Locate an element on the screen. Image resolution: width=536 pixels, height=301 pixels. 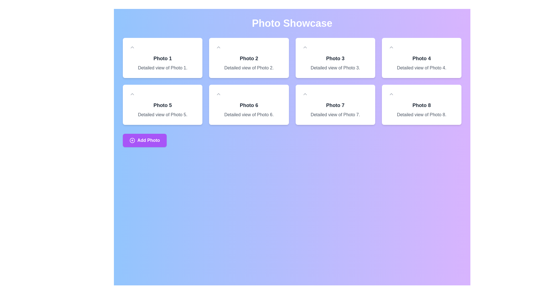
the text label displaying 'Photo 7' in the seventh card of the grid layout, located in the second row and third column is located at coordinates (335, 105).